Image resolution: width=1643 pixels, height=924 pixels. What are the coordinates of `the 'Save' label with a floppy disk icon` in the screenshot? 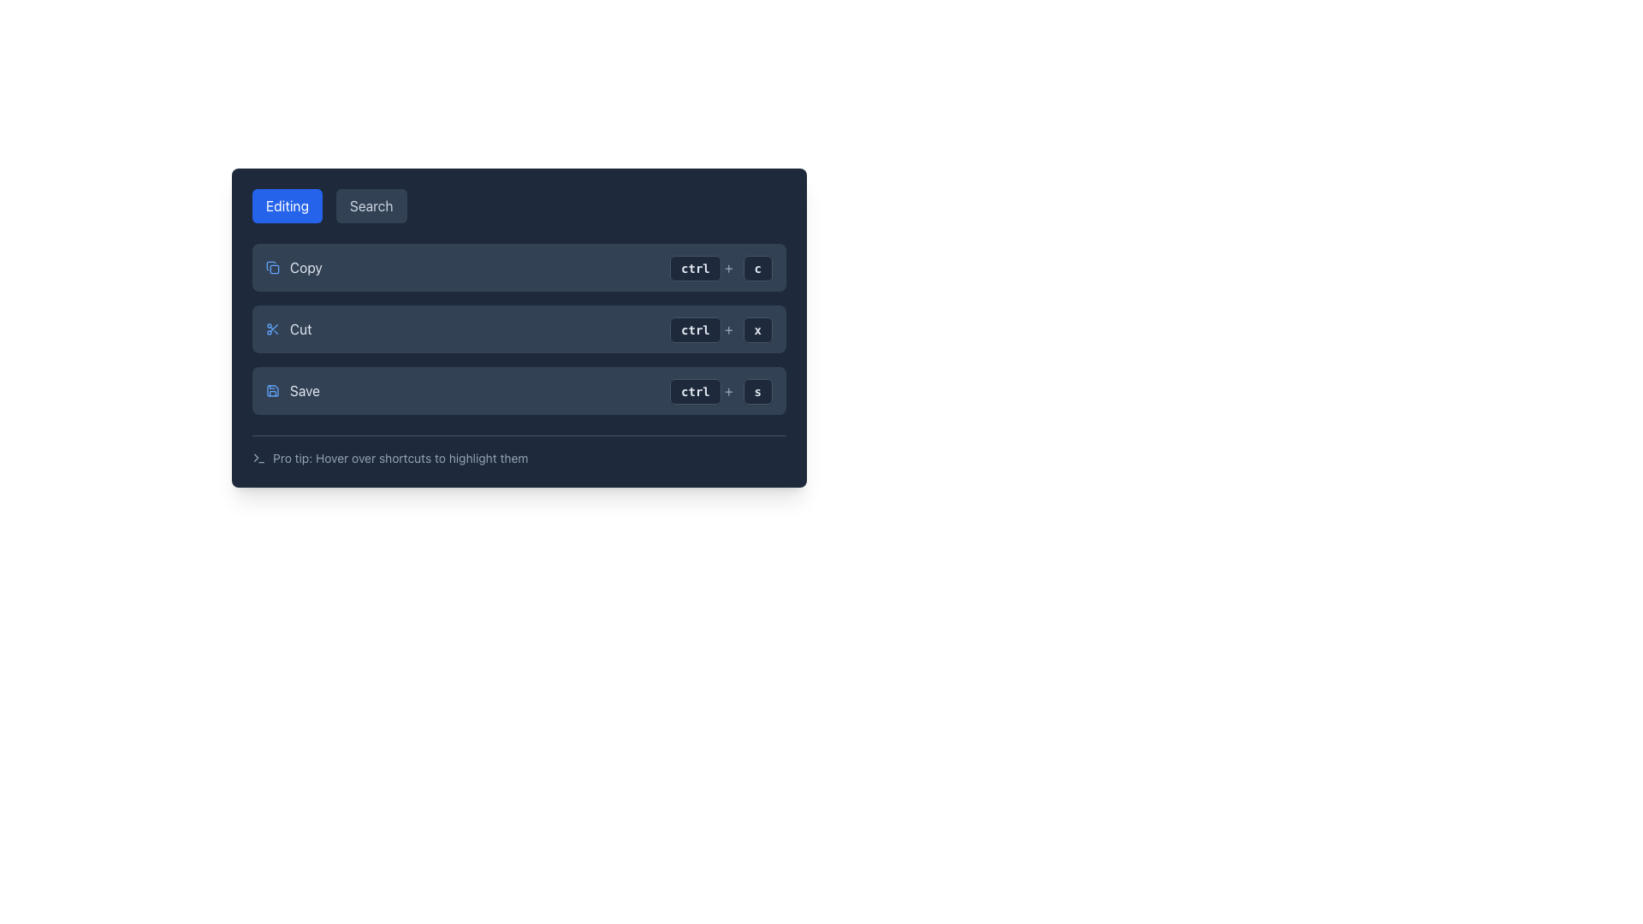 It's located at (293, 390).